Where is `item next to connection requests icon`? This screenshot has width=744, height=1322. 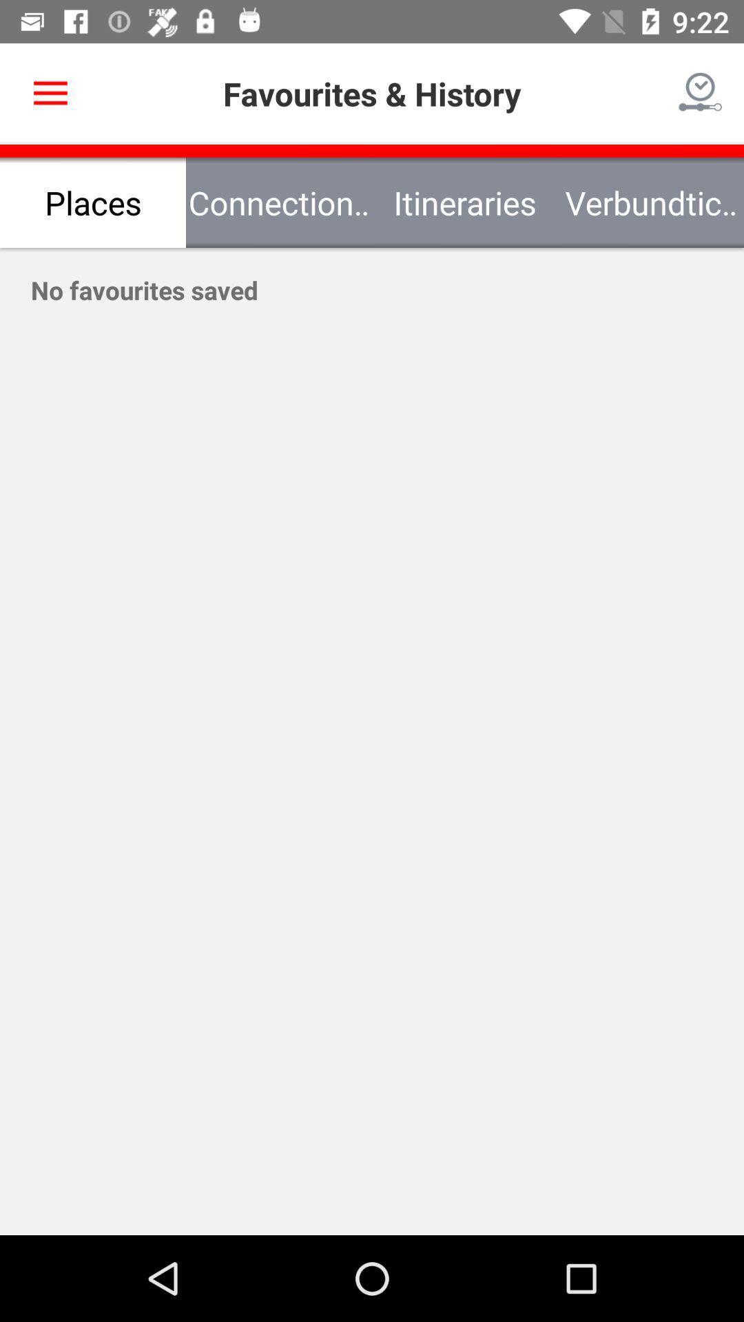 item next to connection requests icon is located at coordinates (93, 202).